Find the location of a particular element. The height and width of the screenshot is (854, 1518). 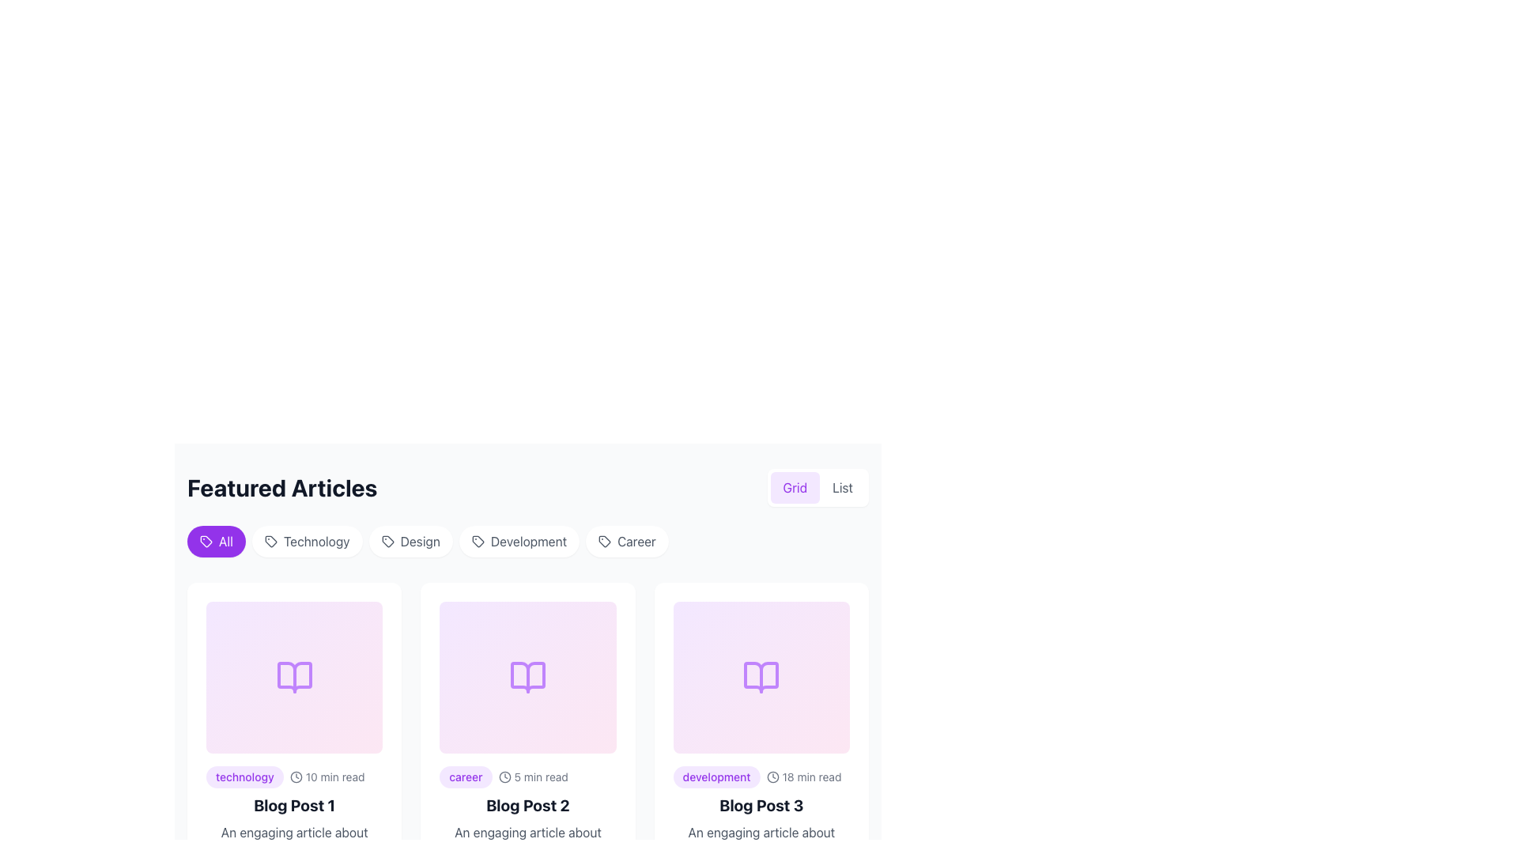

the gradient-filled rectangle with rounded corners containing a purple open book icon, located at the center of 'Blog Post 3' in the grid layout is located at coordinates (761, 676).